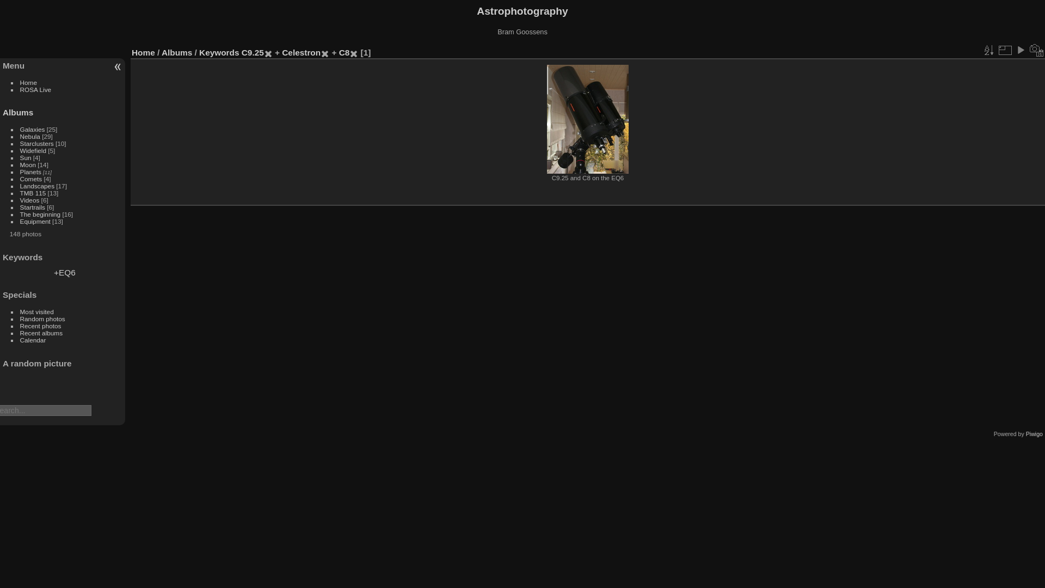 Image resolution: width=1045 pixels, height=588 pixels. I want to click on 'Startrails', so click(32, 207).